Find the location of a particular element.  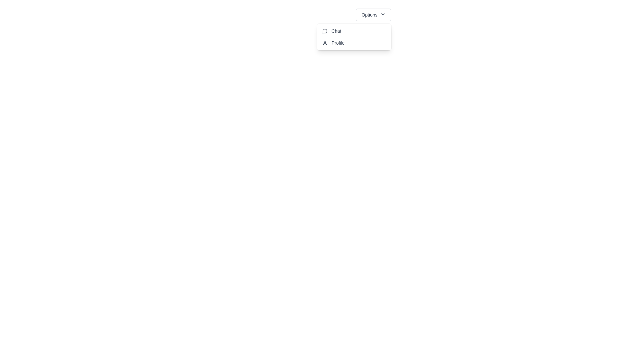

the first item in the dropdown menu is located at coordinates (332, 31).